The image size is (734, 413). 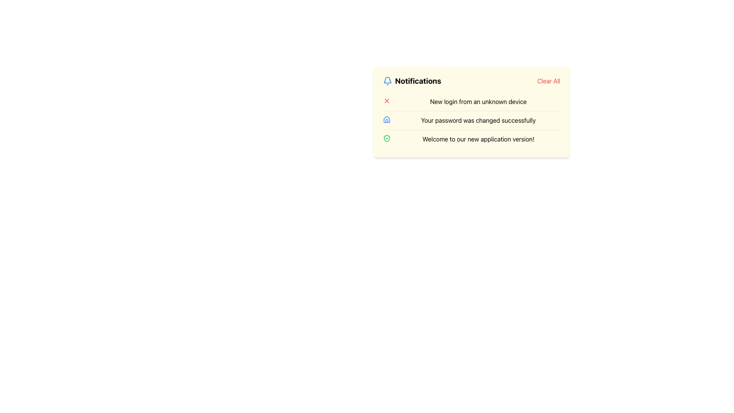 I want to click on the first notification item in the 'Notifications' section that informs about a new login from an unknown device, so click(x=471, y=101).